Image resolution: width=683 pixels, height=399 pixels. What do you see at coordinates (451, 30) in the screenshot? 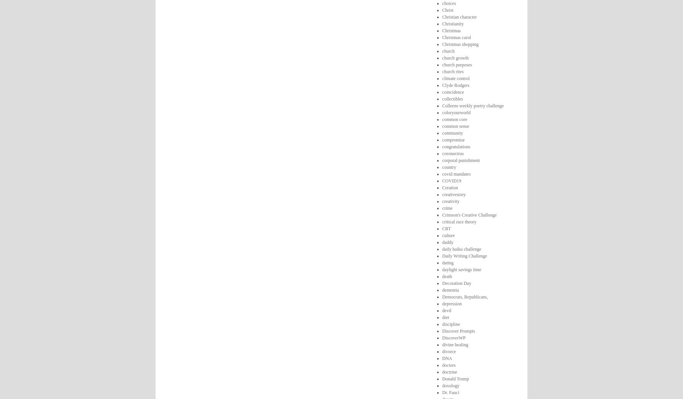
I see `'Christmas'` at bounding box center [451, 30].